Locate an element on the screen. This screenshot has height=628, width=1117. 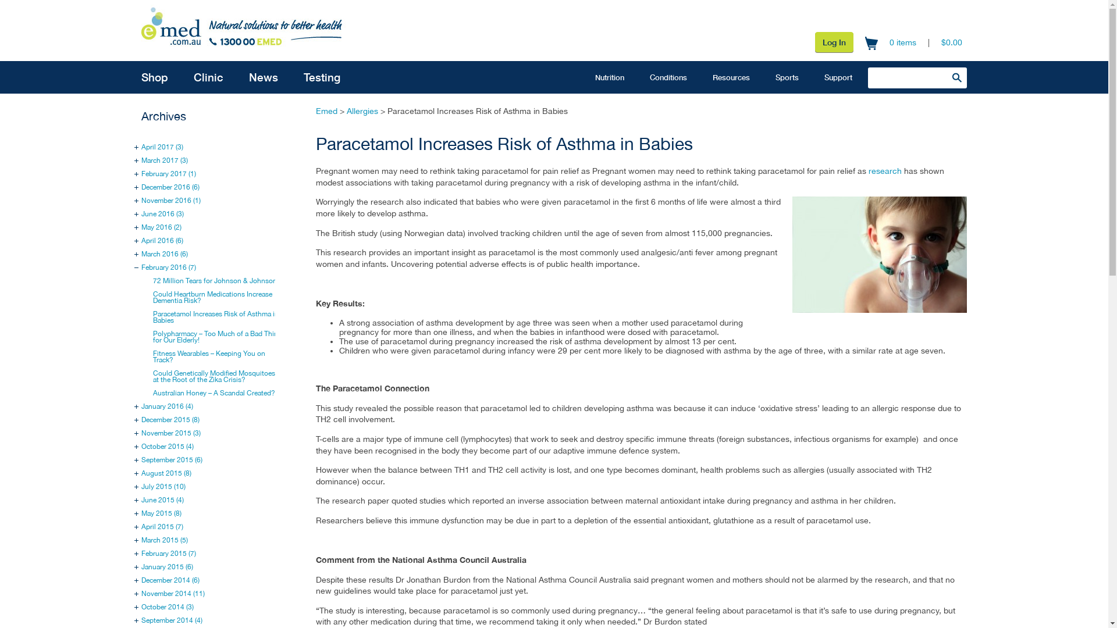
'October 2014 (3)' is located at coordinates (167, 606).